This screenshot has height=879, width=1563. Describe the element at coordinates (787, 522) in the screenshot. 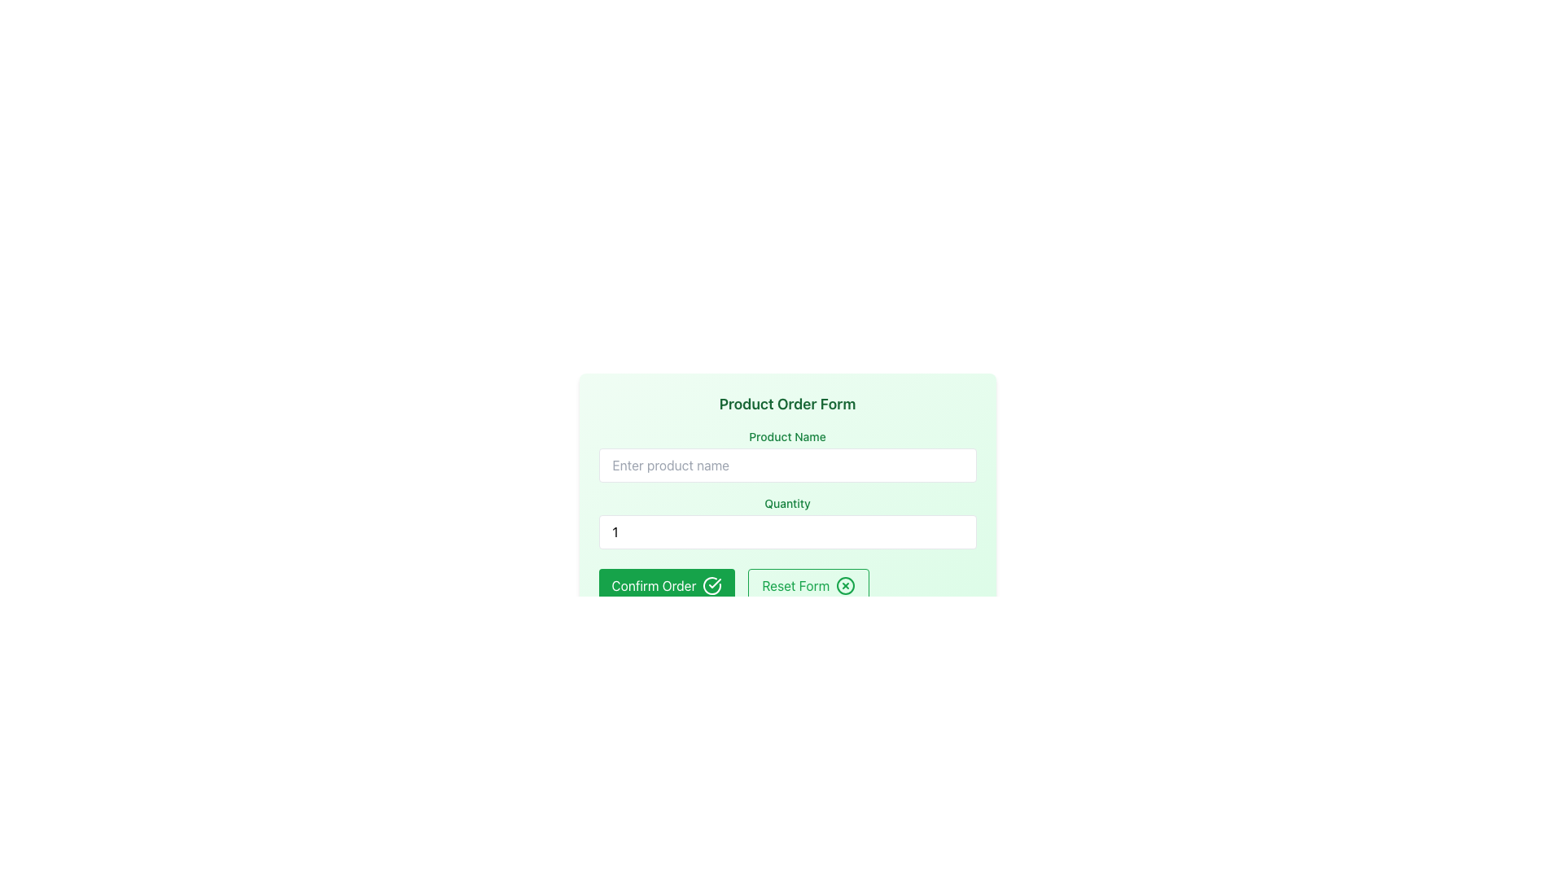

I see `the 'Quantity' input field, which is the second input field below the 'Product Name' field, to focus on it` at that location.